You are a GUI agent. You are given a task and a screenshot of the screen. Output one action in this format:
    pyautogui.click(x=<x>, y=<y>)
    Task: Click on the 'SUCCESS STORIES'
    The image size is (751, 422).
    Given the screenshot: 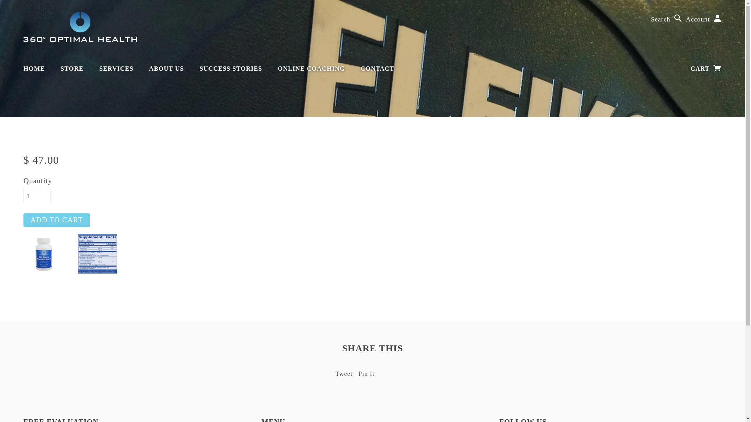 What is the action you would take?
    pyautogui.click(x=230, y=68)
    